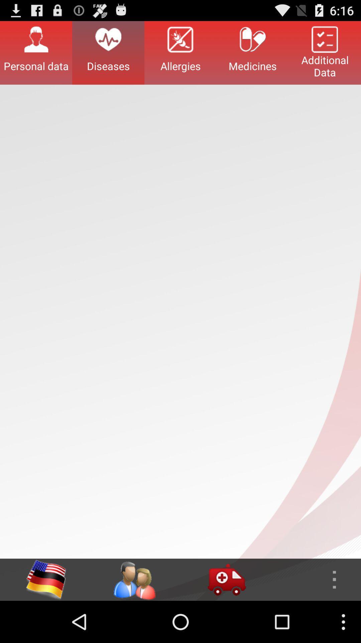  I want to click on the medicines item, so click(253, 52).